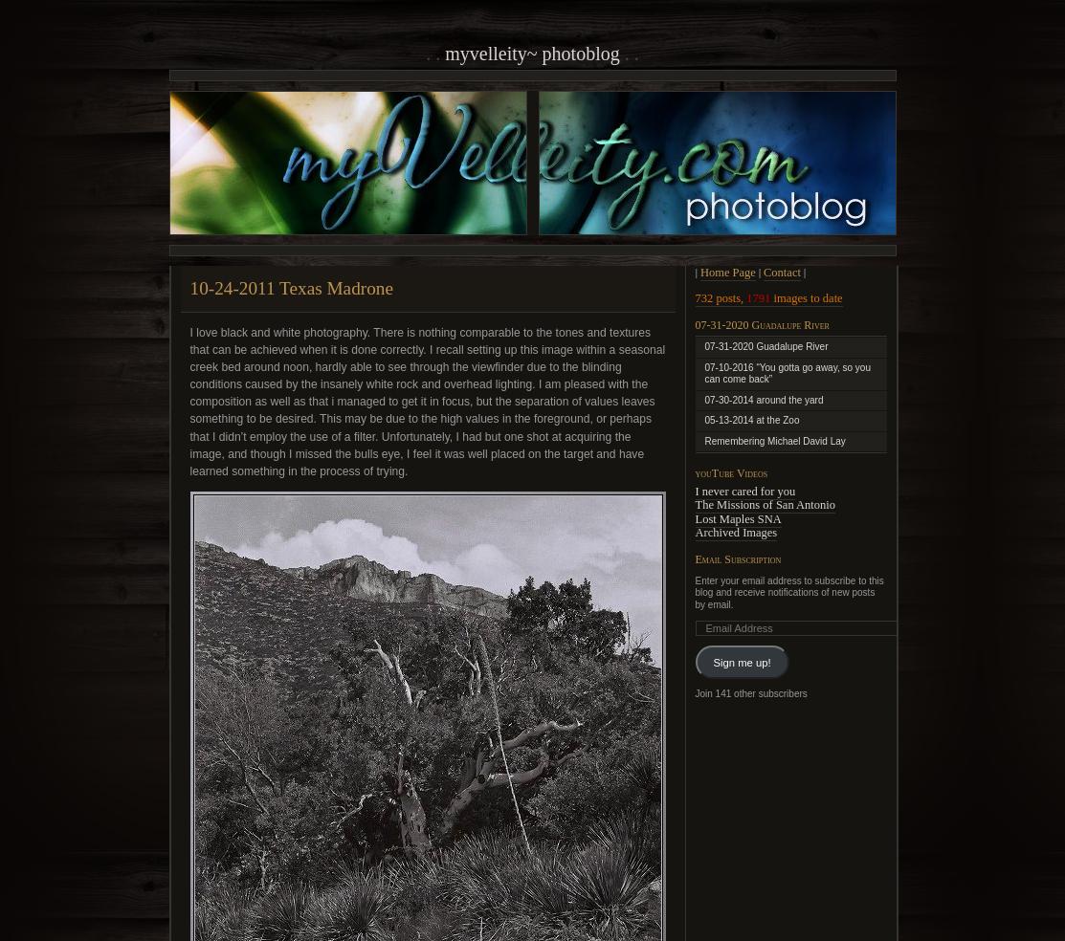 The image size is (1065, 941). I want to click on 'Remembering Michael David Lay', so click(774, 440).